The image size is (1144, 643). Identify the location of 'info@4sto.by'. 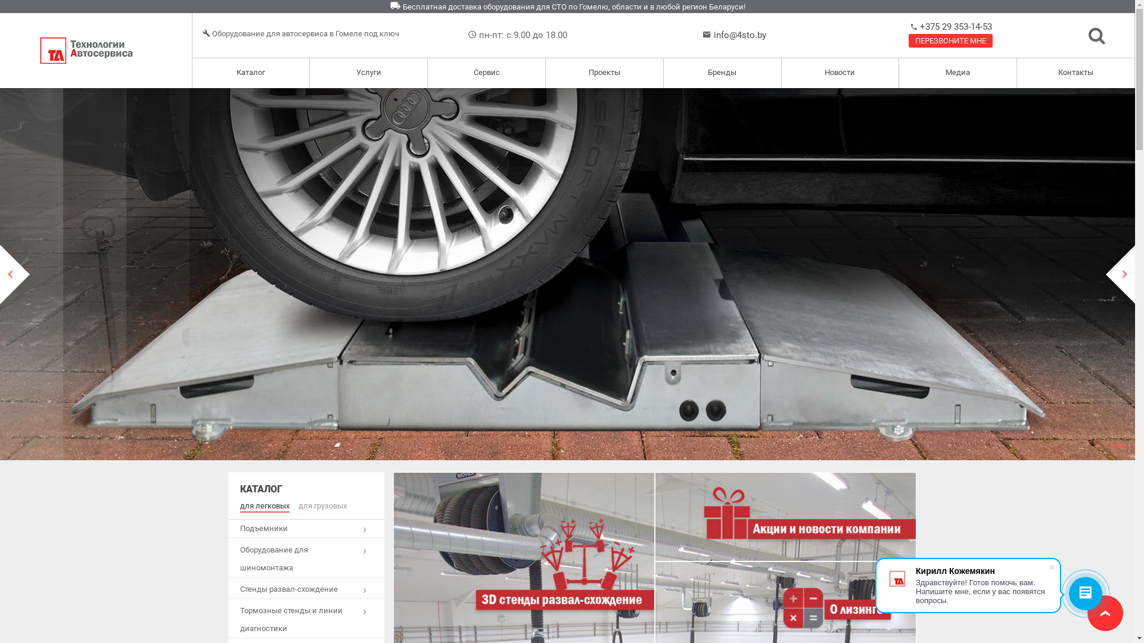
(739, 34).